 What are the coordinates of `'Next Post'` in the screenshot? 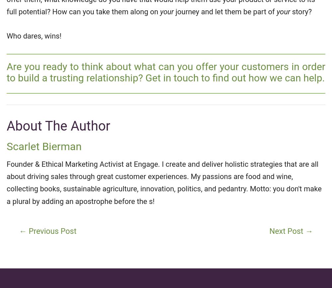 It's located at (287, 231).